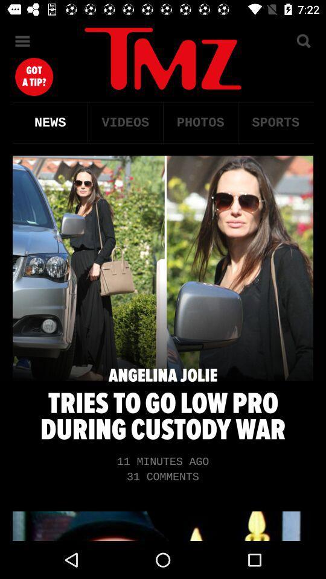  What do you see at coordinates (302, 41) in the screenshot?
I see `open search` at bounding box center [302, 41].